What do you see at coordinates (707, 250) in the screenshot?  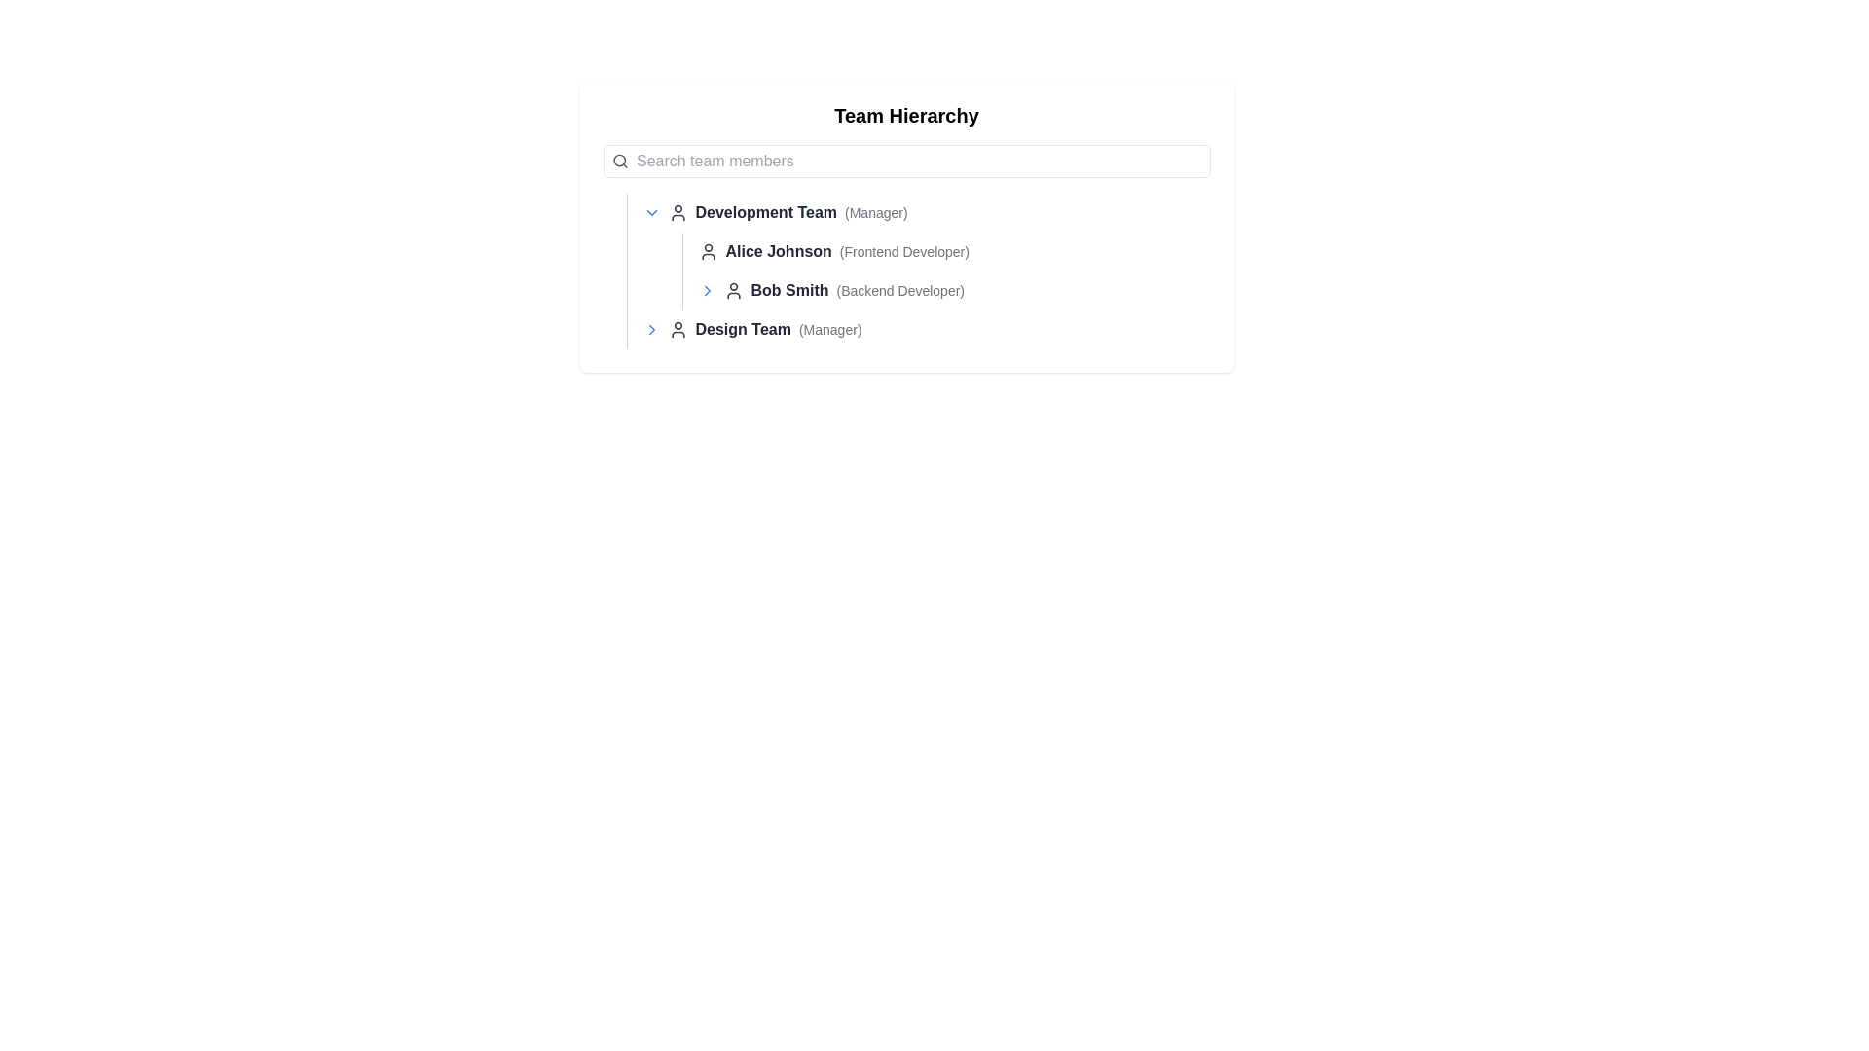 I see `the user avatar icon, which is a rounded grayish human-like shape located to the left of the 'Alice Johnson (Frontend Developer)' text` at bounding box center [707, 250].